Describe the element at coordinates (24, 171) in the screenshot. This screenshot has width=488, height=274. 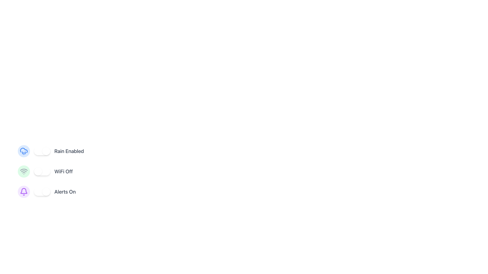
I see `the second arc of the WiFi signal icon, which is an outlined semi-circle positioned to the left of the 'WiFi Off' label` at that location.